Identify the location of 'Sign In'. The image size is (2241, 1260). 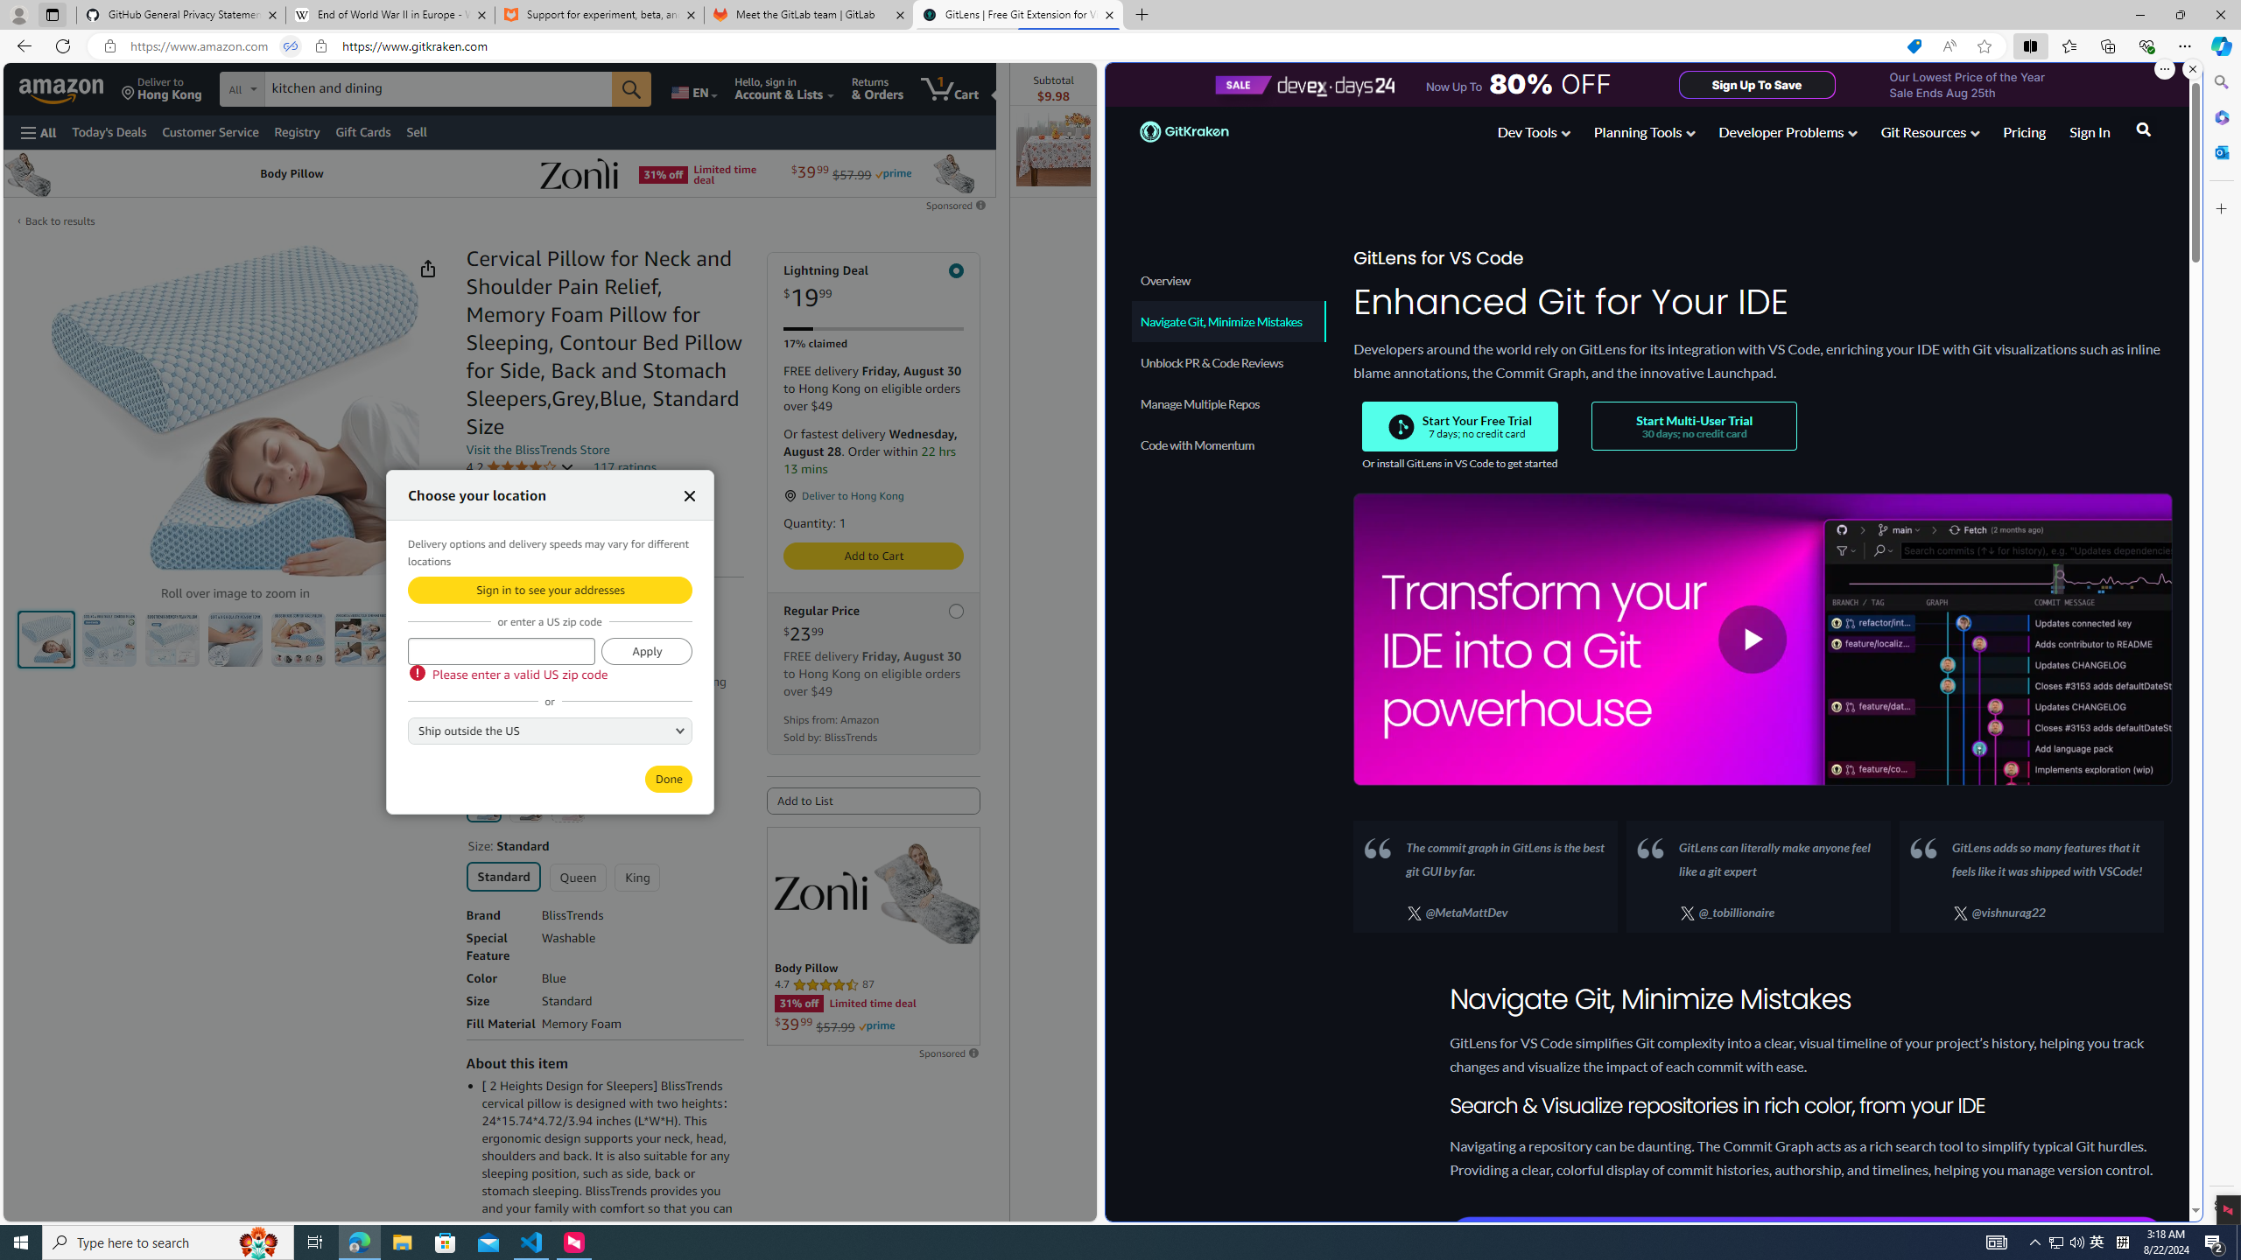
(2089, 134).